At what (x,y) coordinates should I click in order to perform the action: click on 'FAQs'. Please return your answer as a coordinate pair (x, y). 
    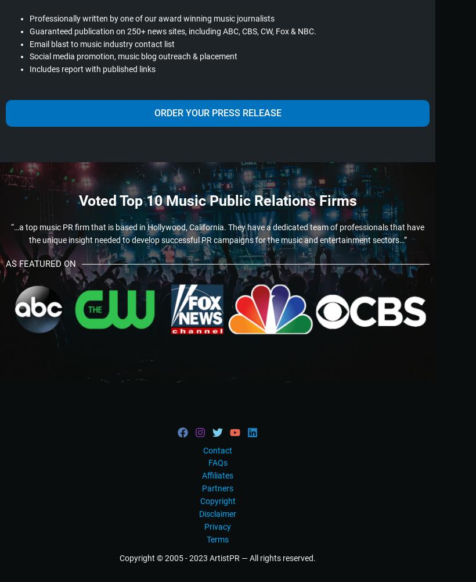
    Looking at the image, I should click on (217, 462).